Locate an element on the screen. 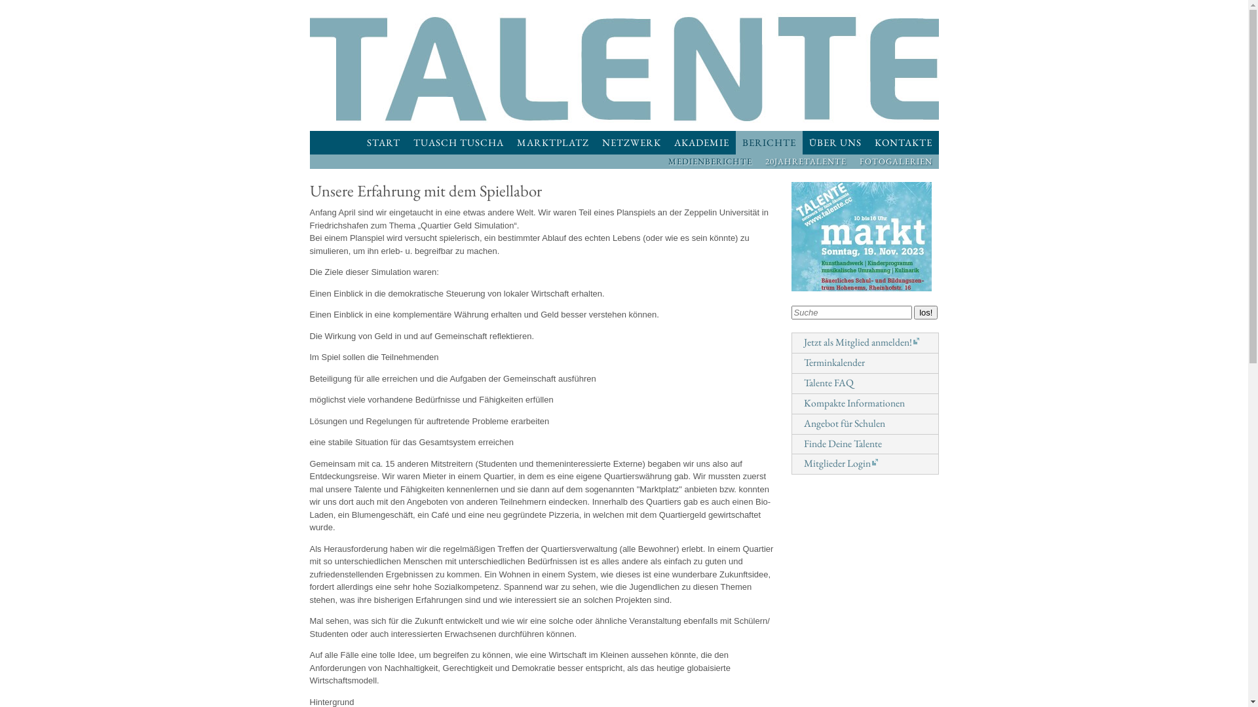 The height and width of the screenshot is (707, 1258). '20JAHRETALENTE' is located at coordinates (758, 160).